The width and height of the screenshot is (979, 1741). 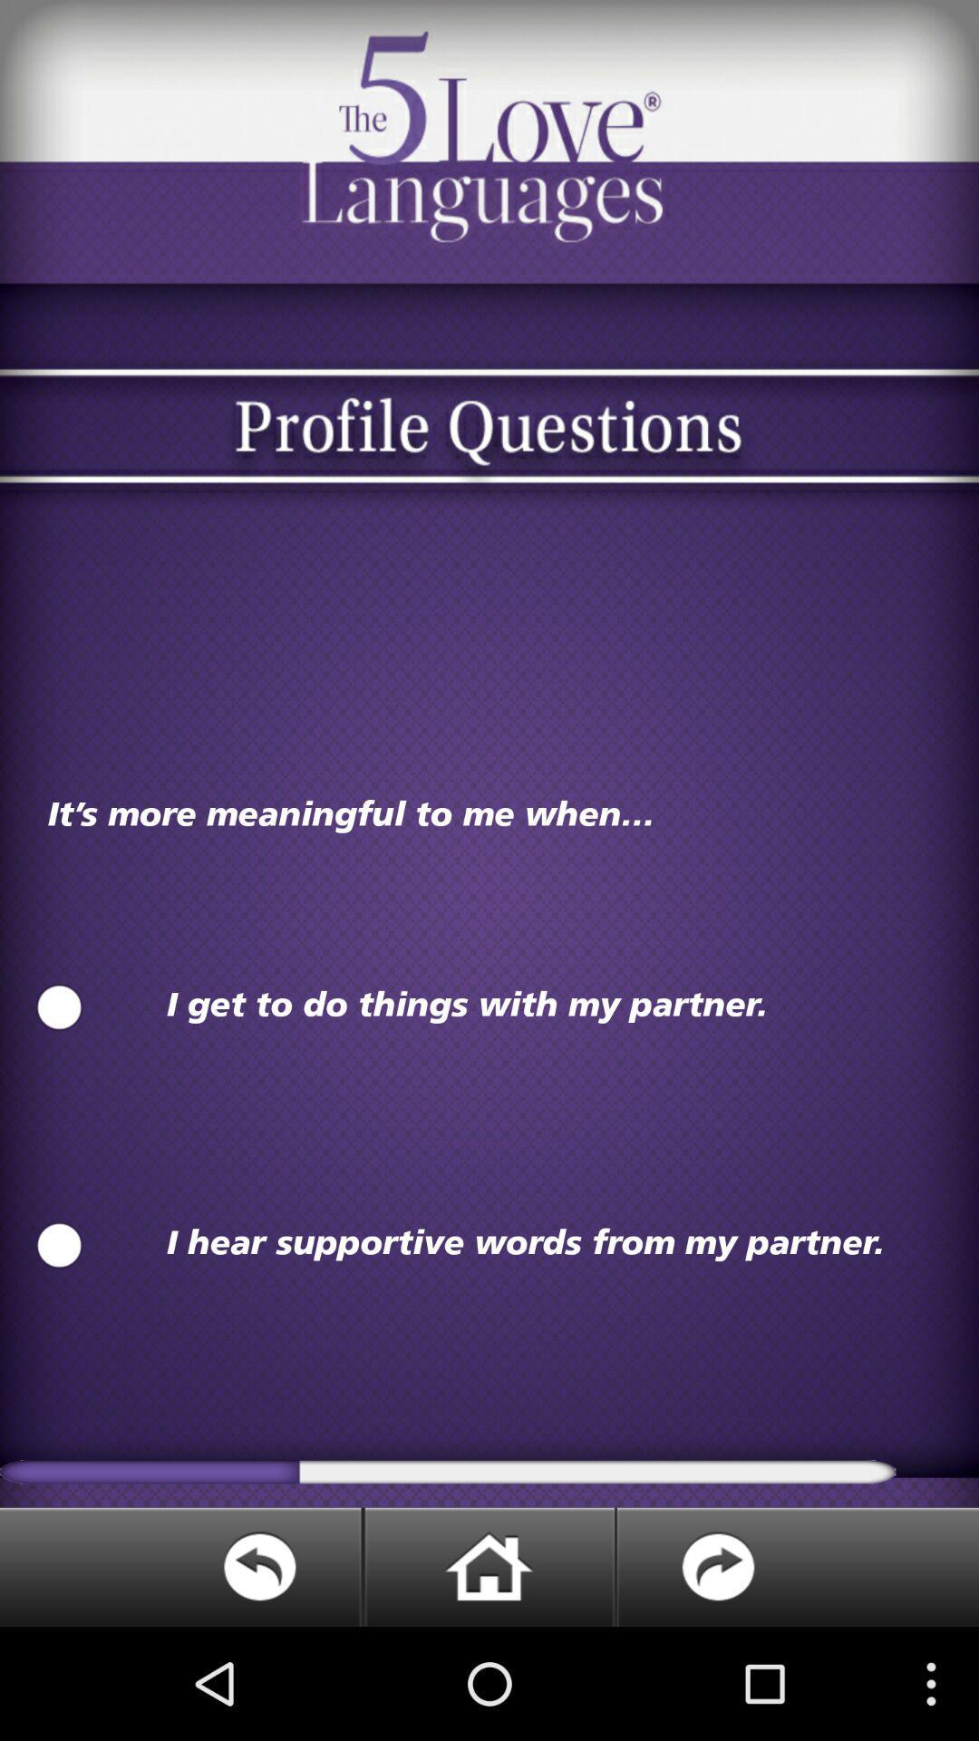 I want to click on home screen, so click(x=488, y=1566).